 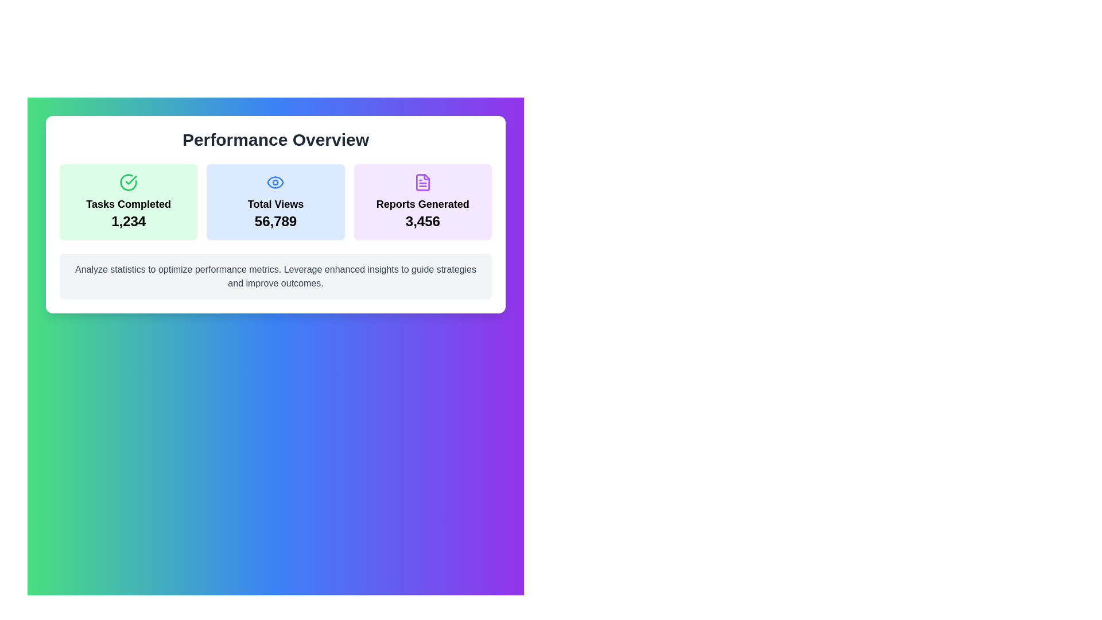 I want to click on the purple document icon above the text 'Reports Generated 3,456' within the rightmost card labeled 'Reports Generated' in the statistics overview section, so click(x=422, y=181).